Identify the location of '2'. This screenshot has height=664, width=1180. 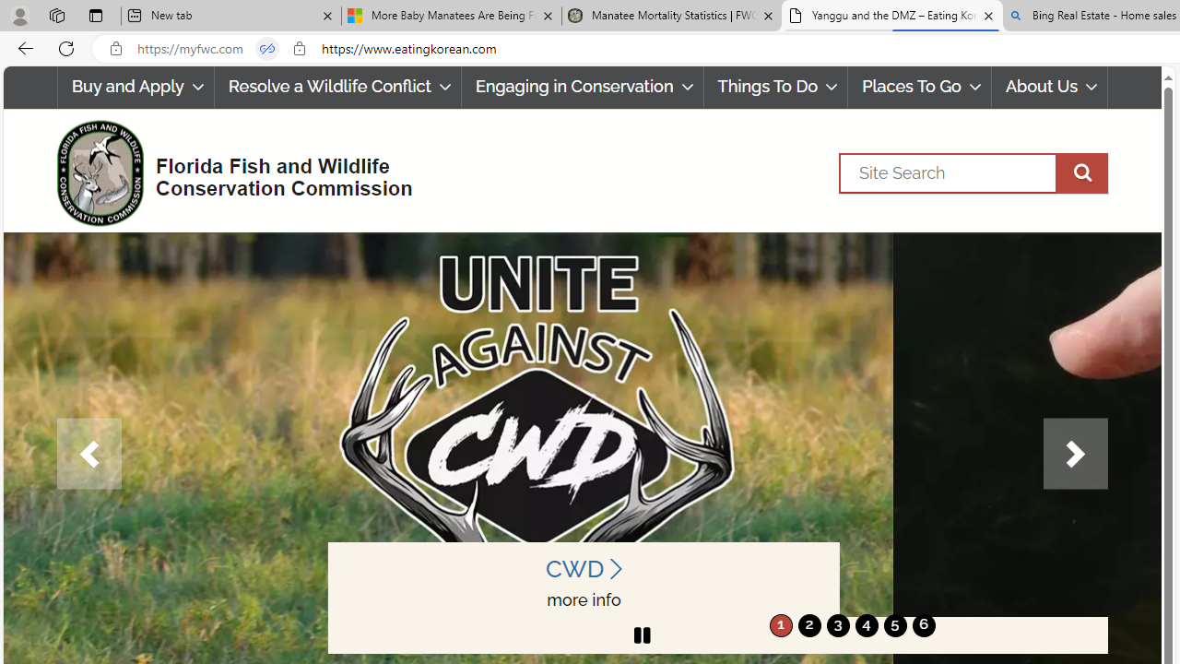
(809, 624).